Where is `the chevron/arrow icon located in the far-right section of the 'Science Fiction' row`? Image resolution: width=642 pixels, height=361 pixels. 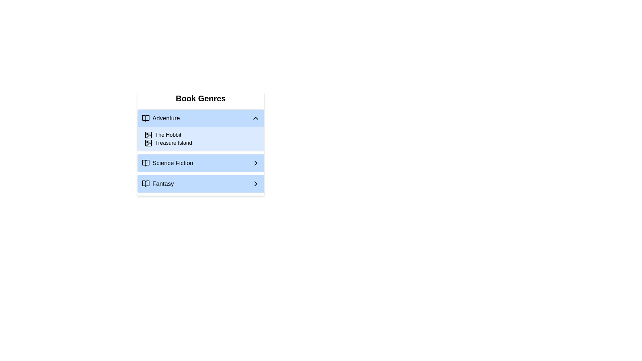 the chevron/arrow icon located in the far-right section of the 'Science Fiction' row is located at coordinates (255, 163).